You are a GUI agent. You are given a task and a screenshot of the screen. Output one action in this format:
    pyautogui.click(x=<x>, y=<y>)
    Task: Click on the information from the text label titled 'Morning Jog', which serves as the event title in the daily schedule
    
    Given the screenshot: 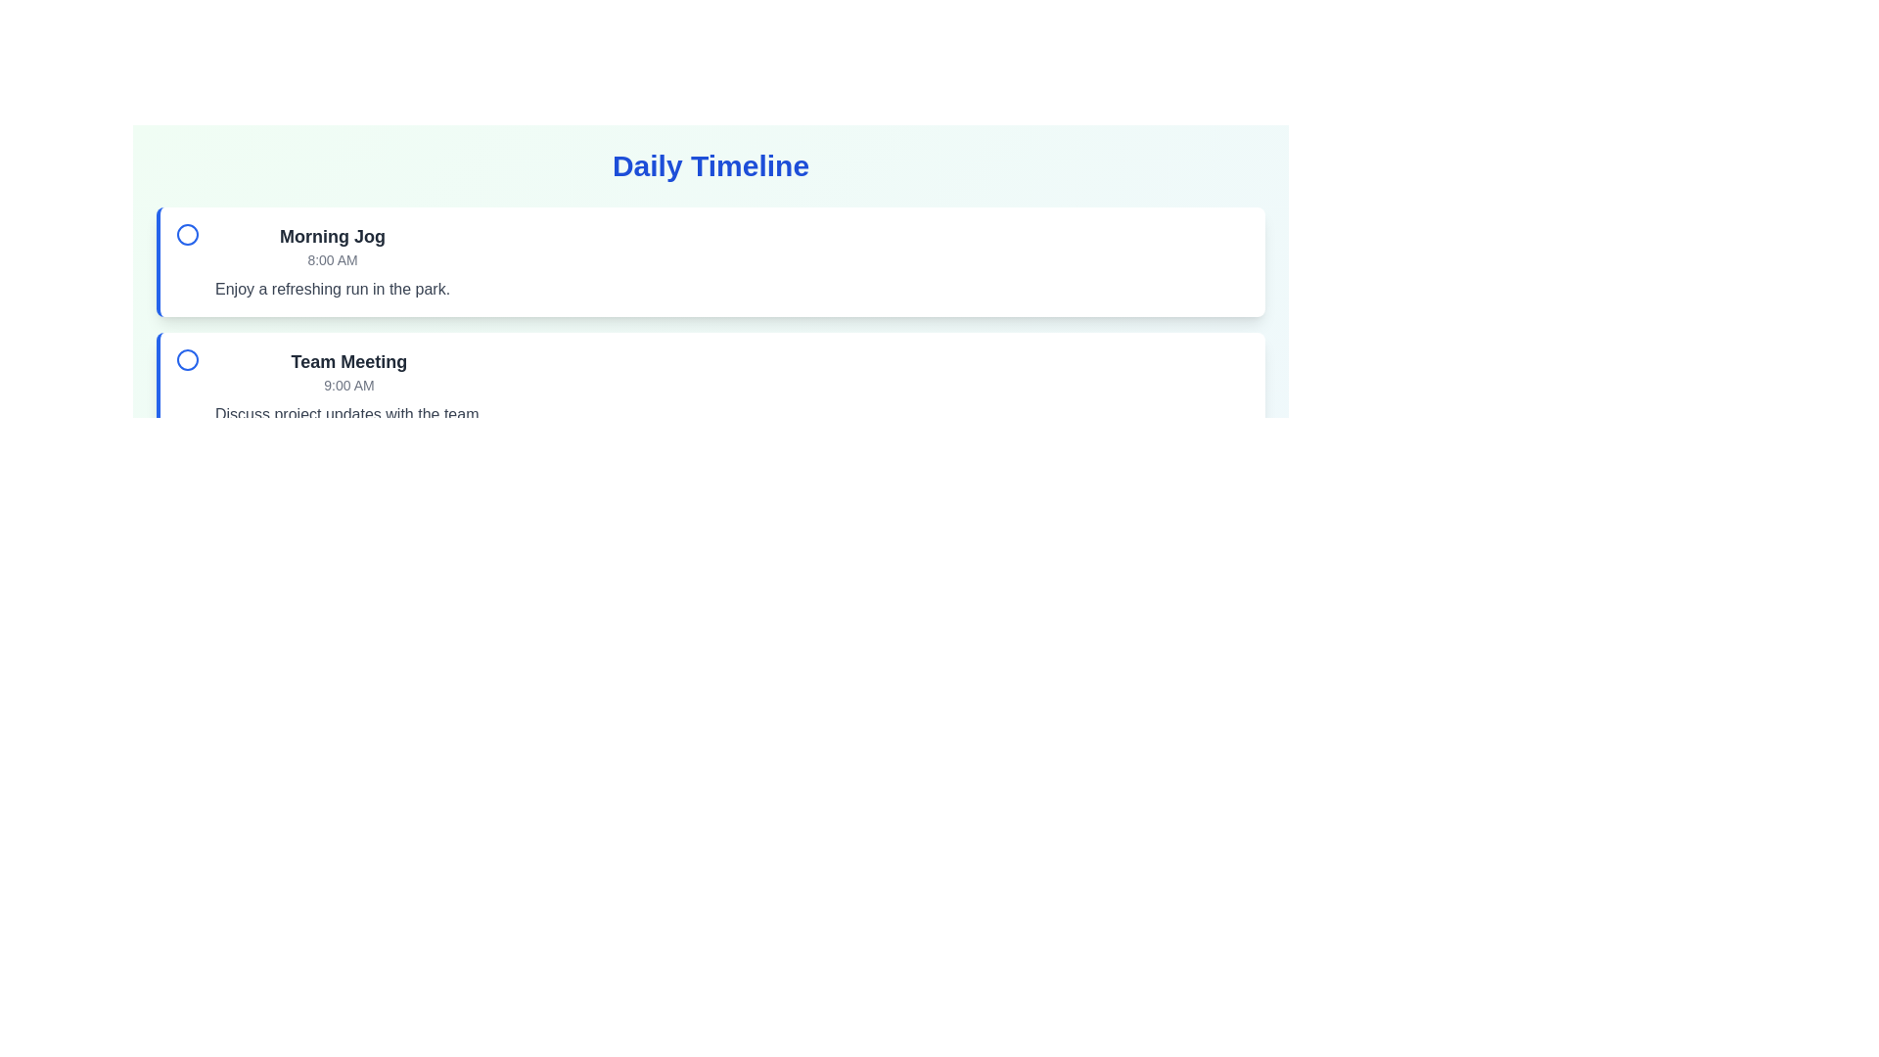 What is the action you would take?
    pyautogui.click(x=333, y=236)
    